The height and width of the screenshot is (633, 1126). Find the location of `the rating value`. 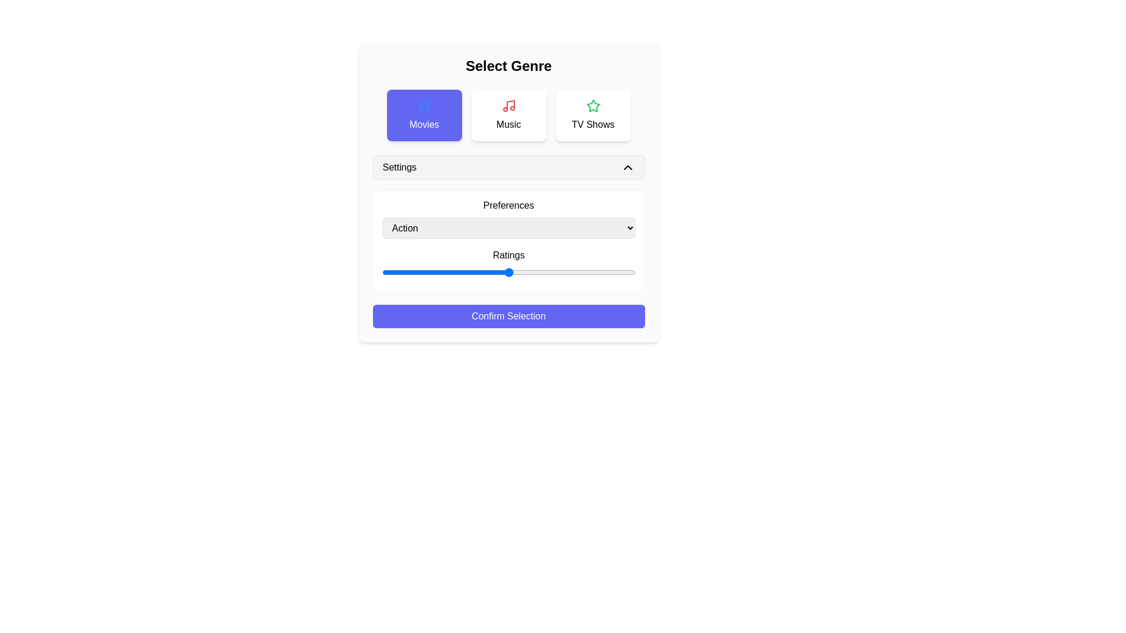

the rating value is located at coordinates (514, 273).